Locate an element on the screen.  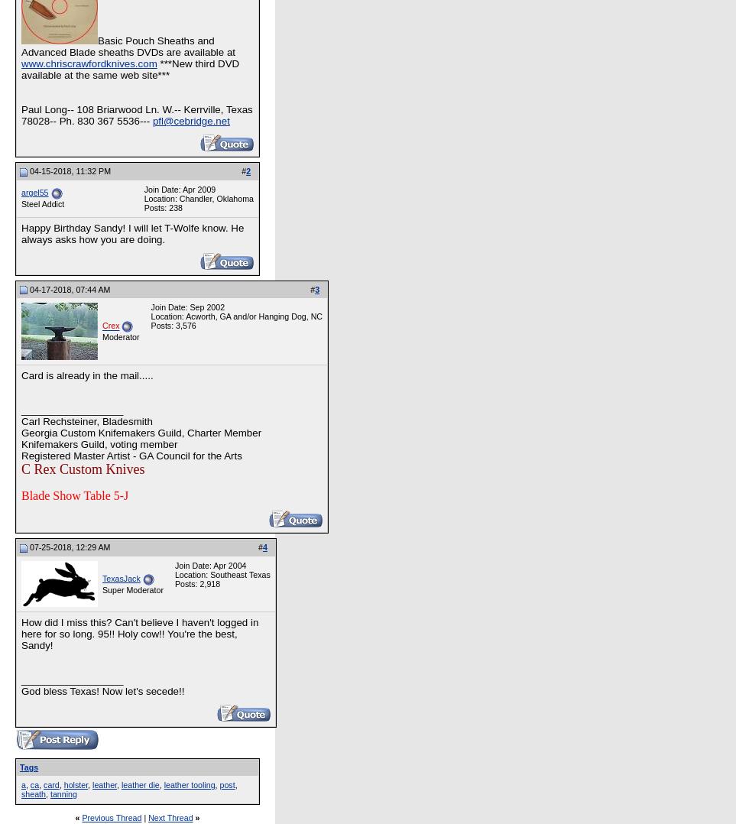
'Carl Rechsteiner, Bladesmith' is located at coordinates (21, 420).